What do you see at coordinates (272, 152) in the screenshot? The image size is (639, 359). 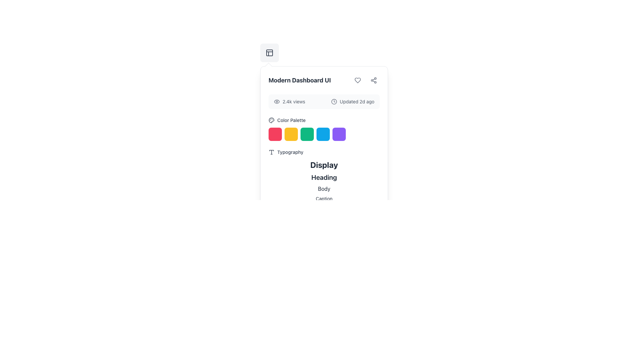 I see `the 'T' typography icon, which is the leftmost component in the 'Typography' label group, rendered in dark gray color and adjacent to the text 'Typography'` at bounding box center [272, 152].